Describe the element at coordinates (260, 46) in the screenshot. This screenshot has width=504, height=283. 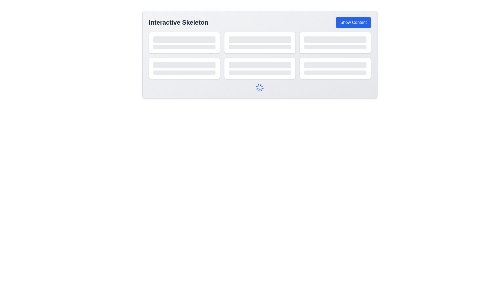
I see `the Loading placeholder, which is a horizontally elongated rectangle with a light gray background located below another taller rectangular bar in the center of the application's layout` at that location.